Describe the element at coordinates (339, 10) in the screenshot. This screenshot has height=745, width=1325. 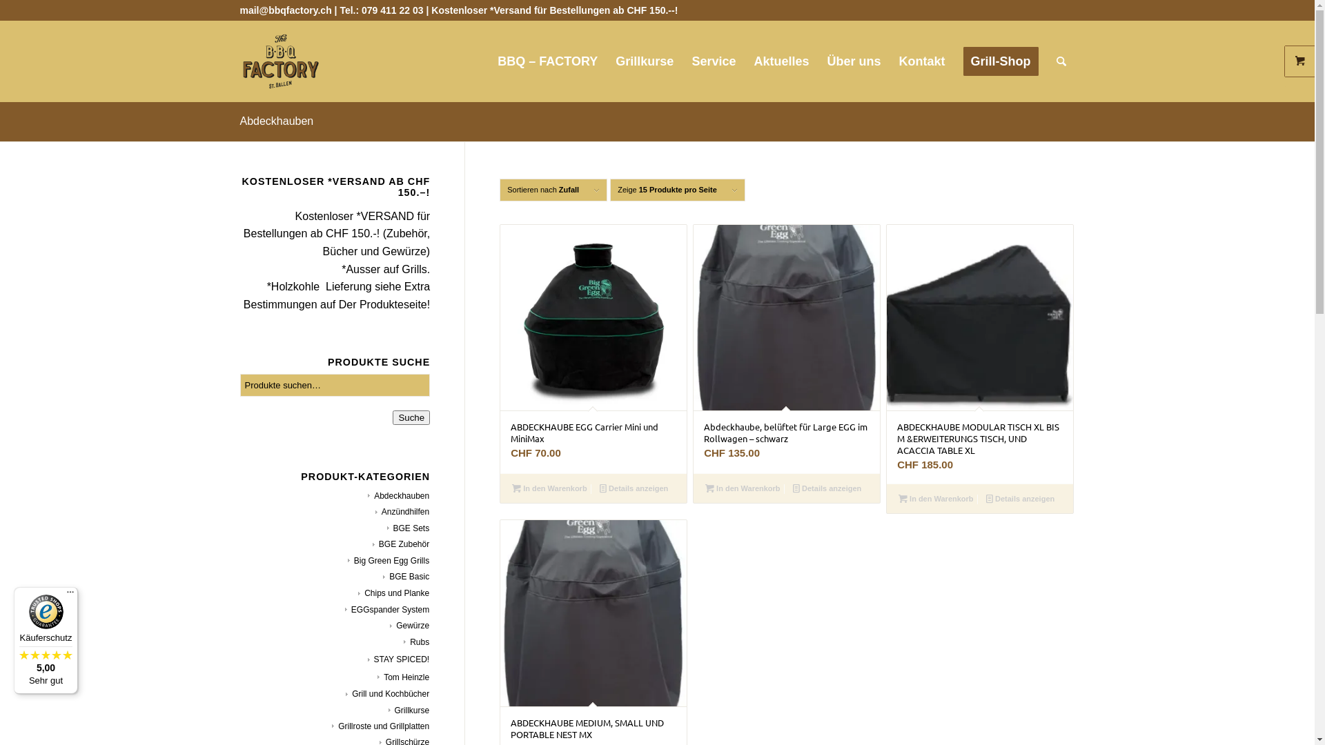
I see `'Tel.: 079 411 22 03'` at that location.